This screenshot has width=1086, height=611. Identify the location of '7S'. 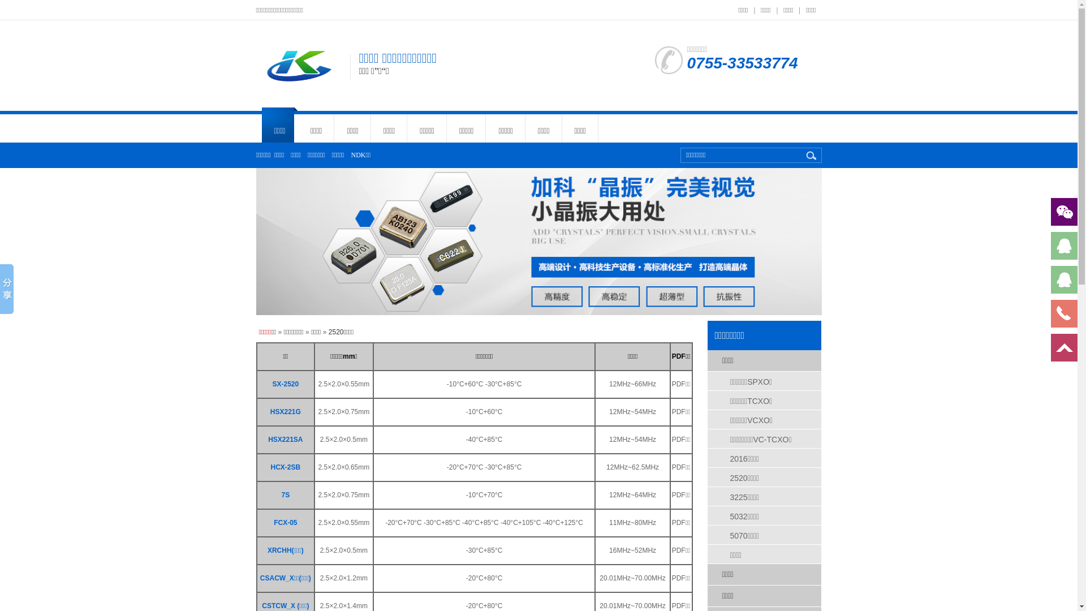
(285, 494).